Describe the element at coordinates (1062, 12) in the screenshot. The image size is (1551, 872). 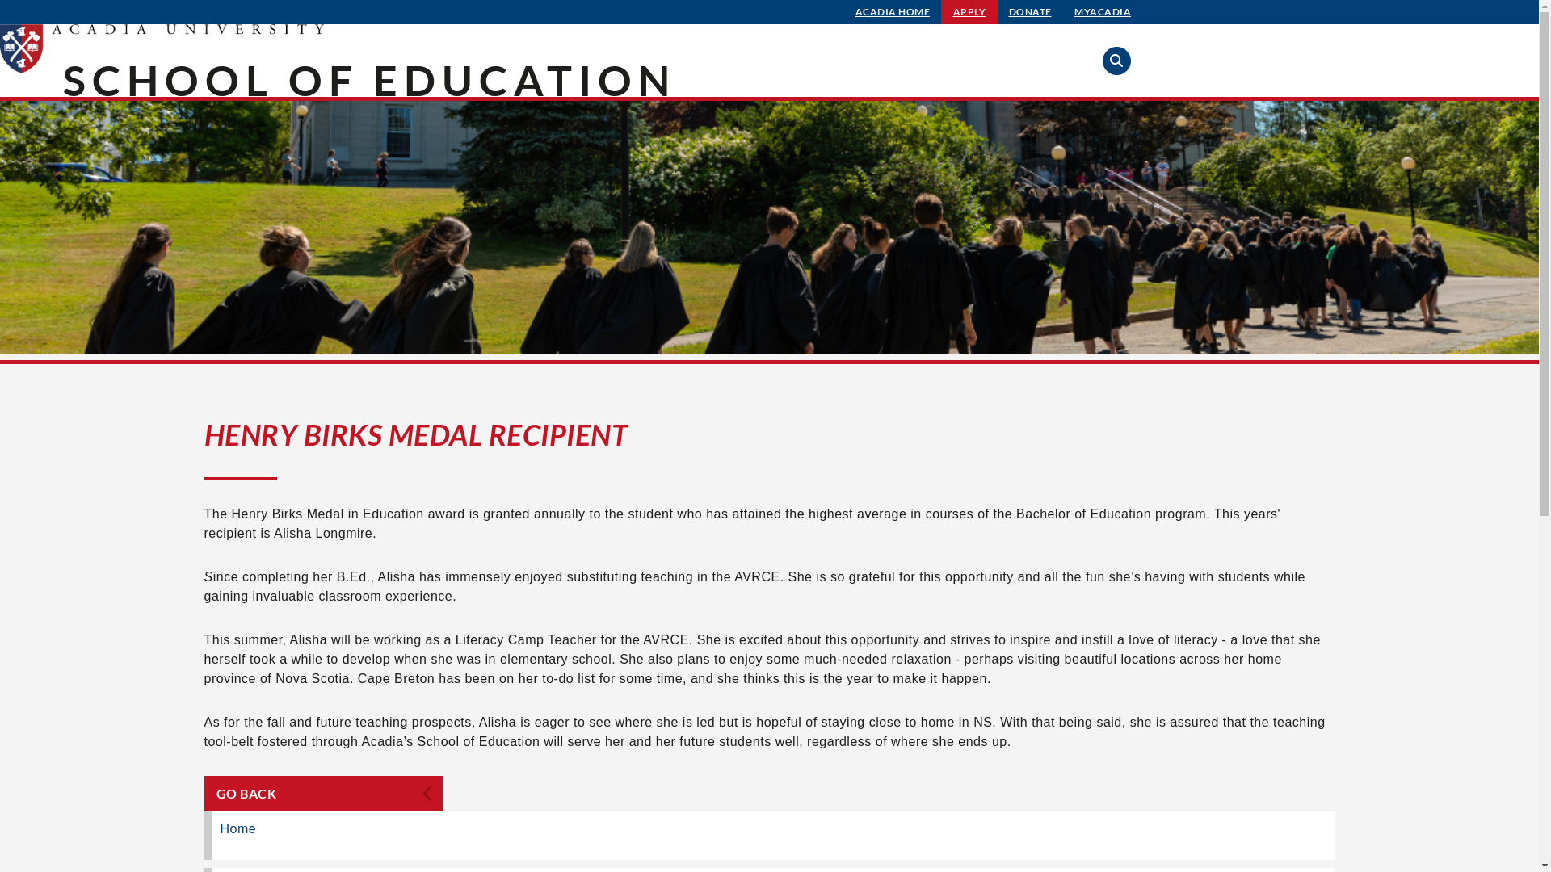
I see `'MYACADIA'` at that location.